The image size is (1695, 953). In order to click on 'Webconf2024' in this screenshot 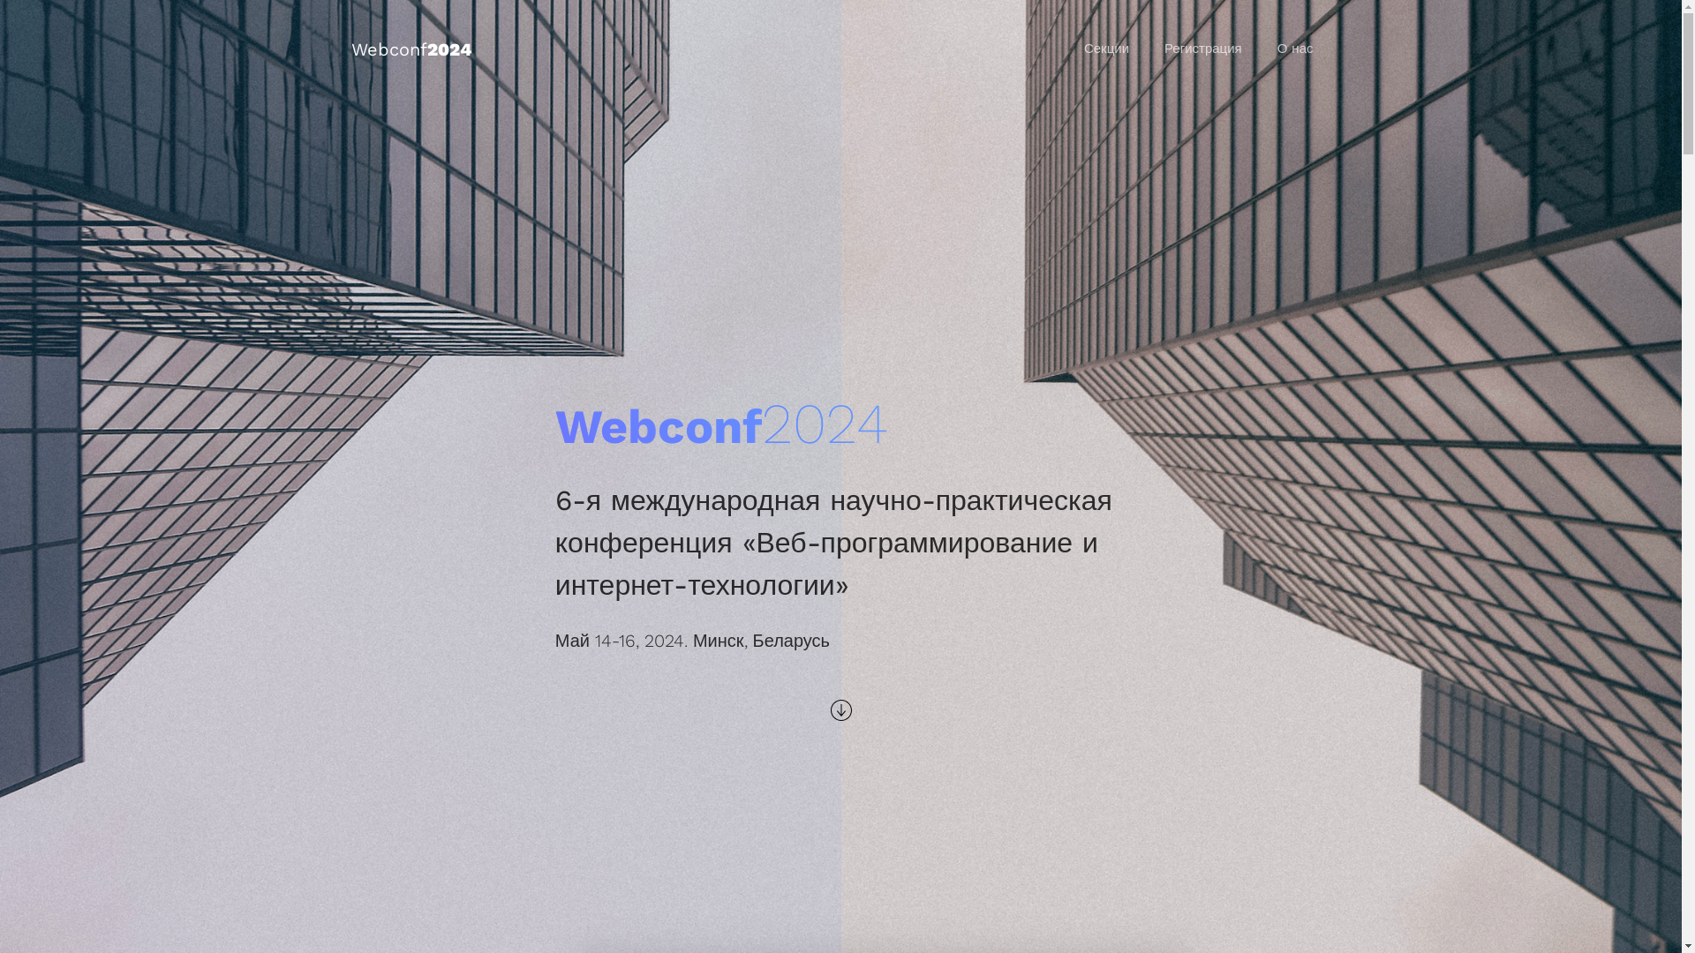, I will do `click(410, 49)`.